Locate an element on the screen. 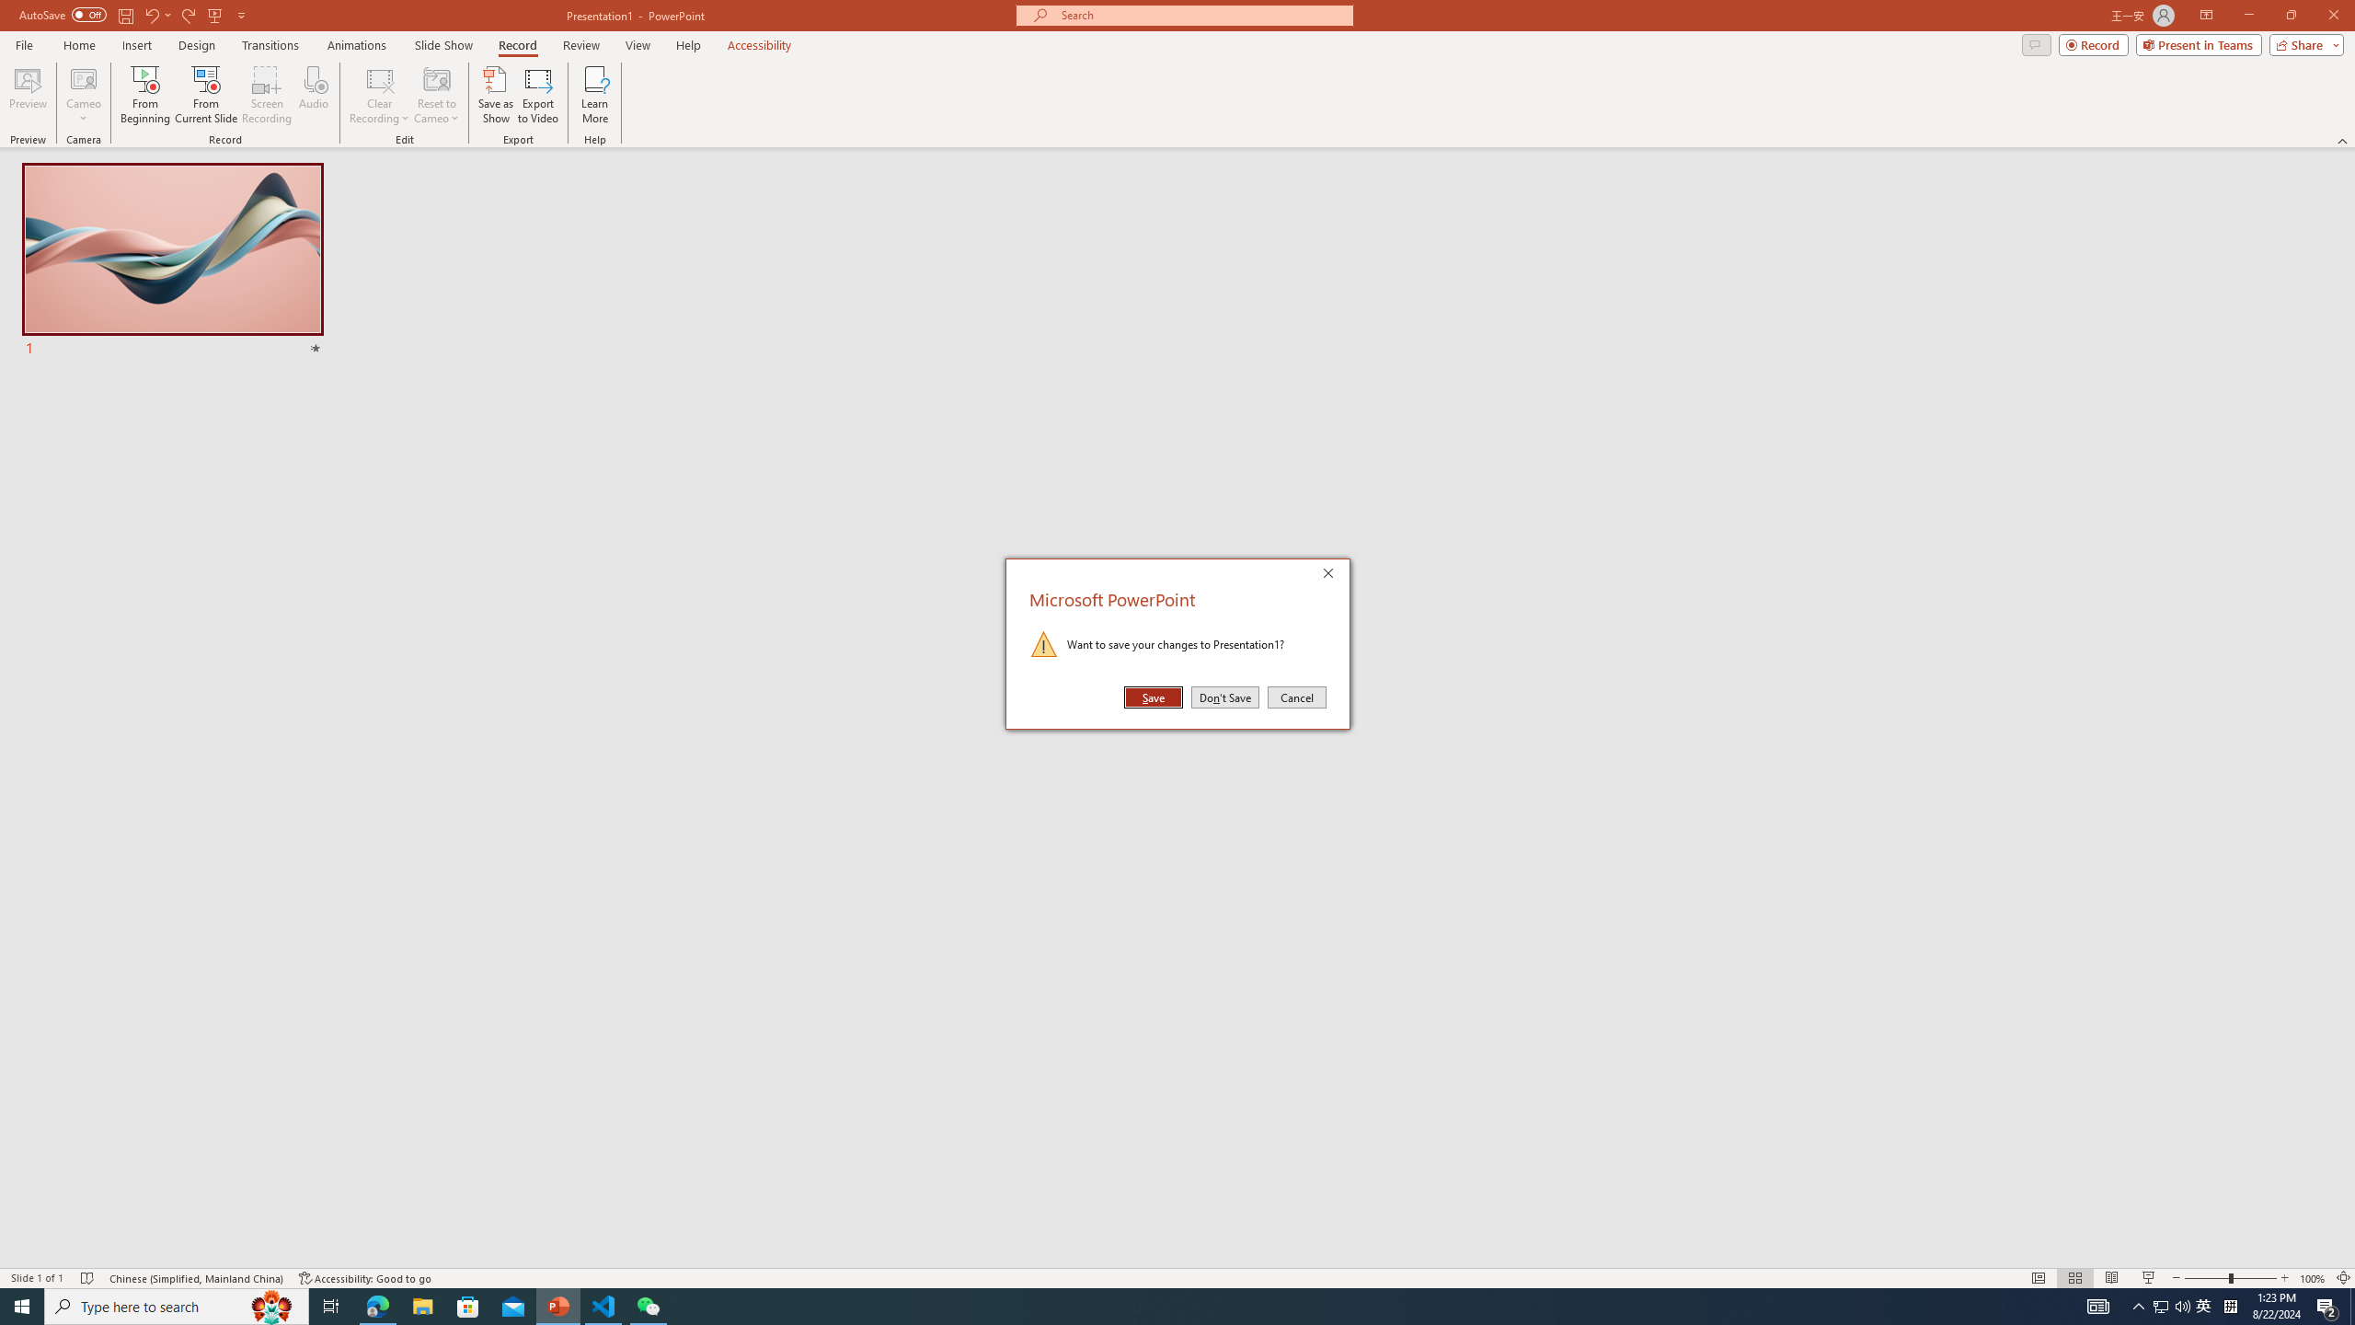  'Screen Recording' is located at coordinates (266, 95).